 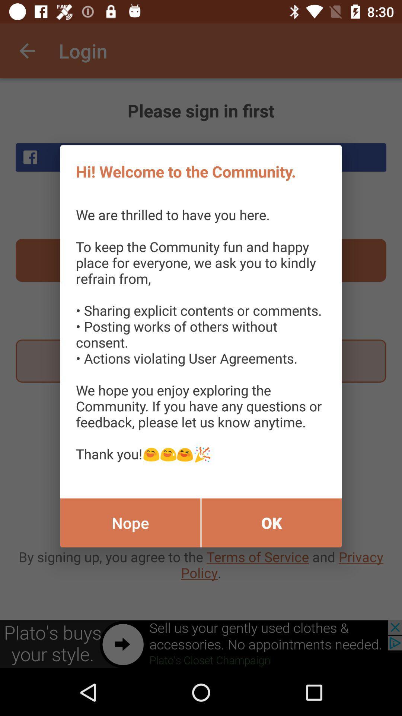 What do you see at coordinates (271, 522) in the screenshot?
I see `the item below the we are thrilled icon` at bounding box center [271, 522].